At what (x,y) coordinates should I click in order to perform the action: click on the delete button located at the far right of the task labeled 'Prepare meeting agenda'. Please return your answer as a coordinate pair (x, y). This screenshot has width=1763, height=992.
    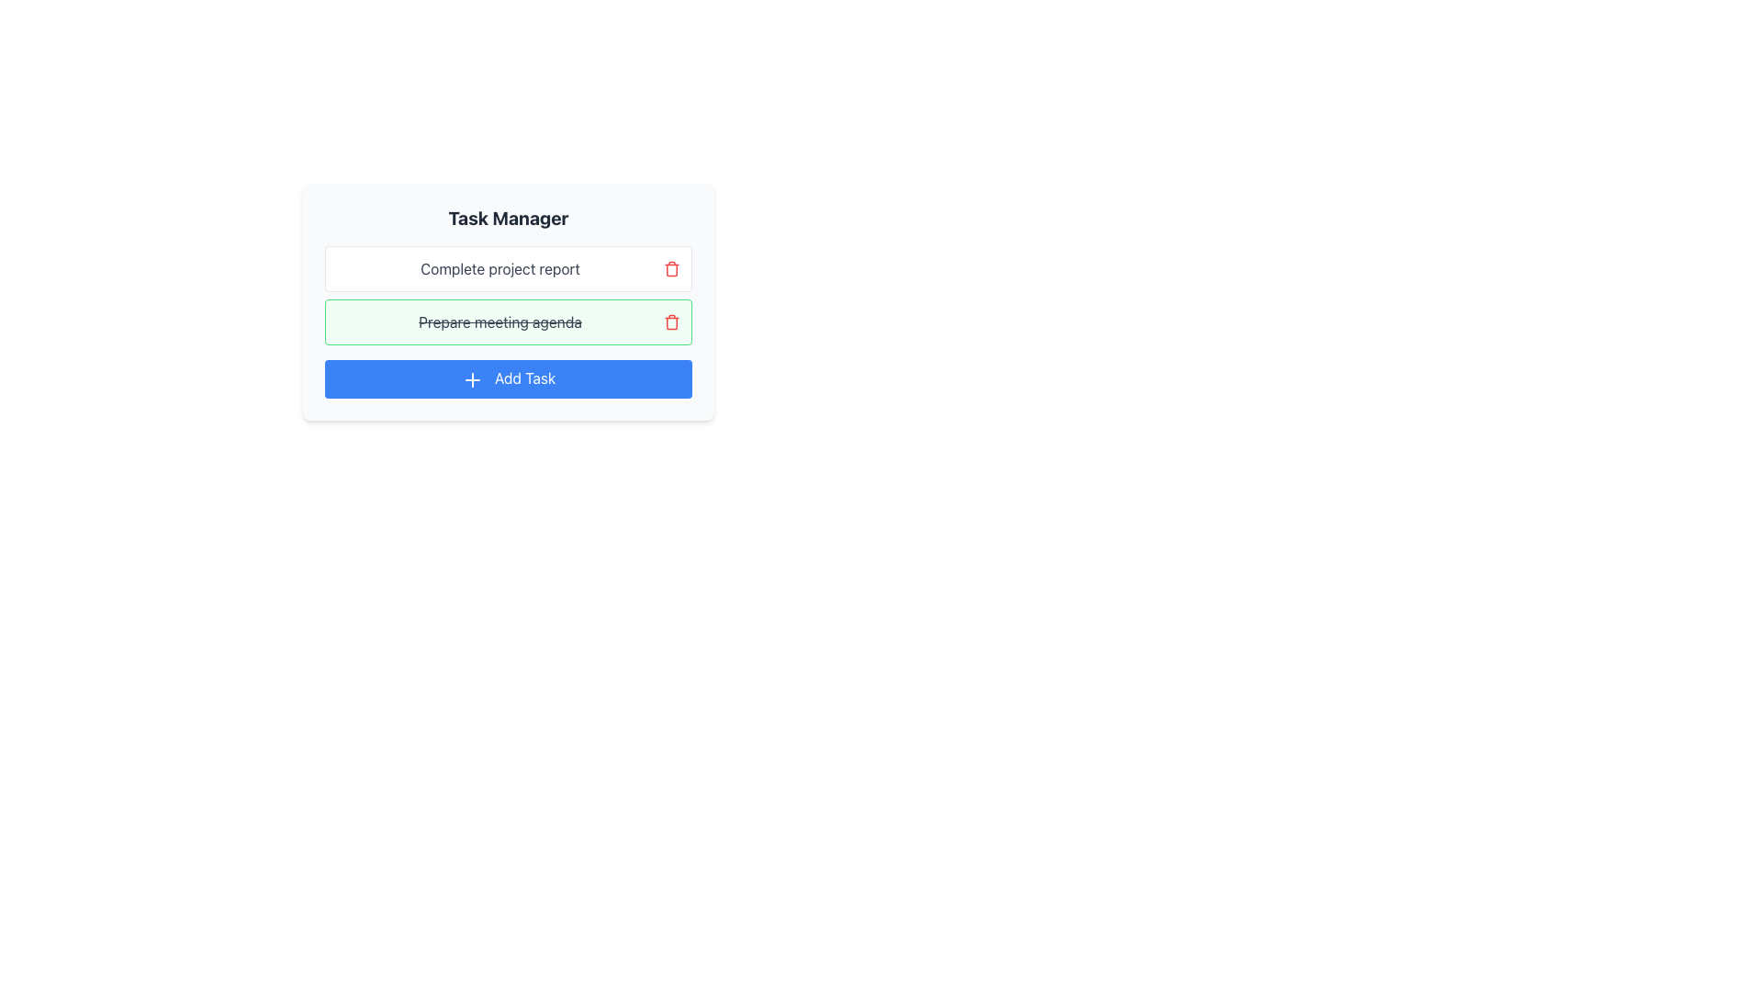
    Looking at the image, I should click on (670, 269).